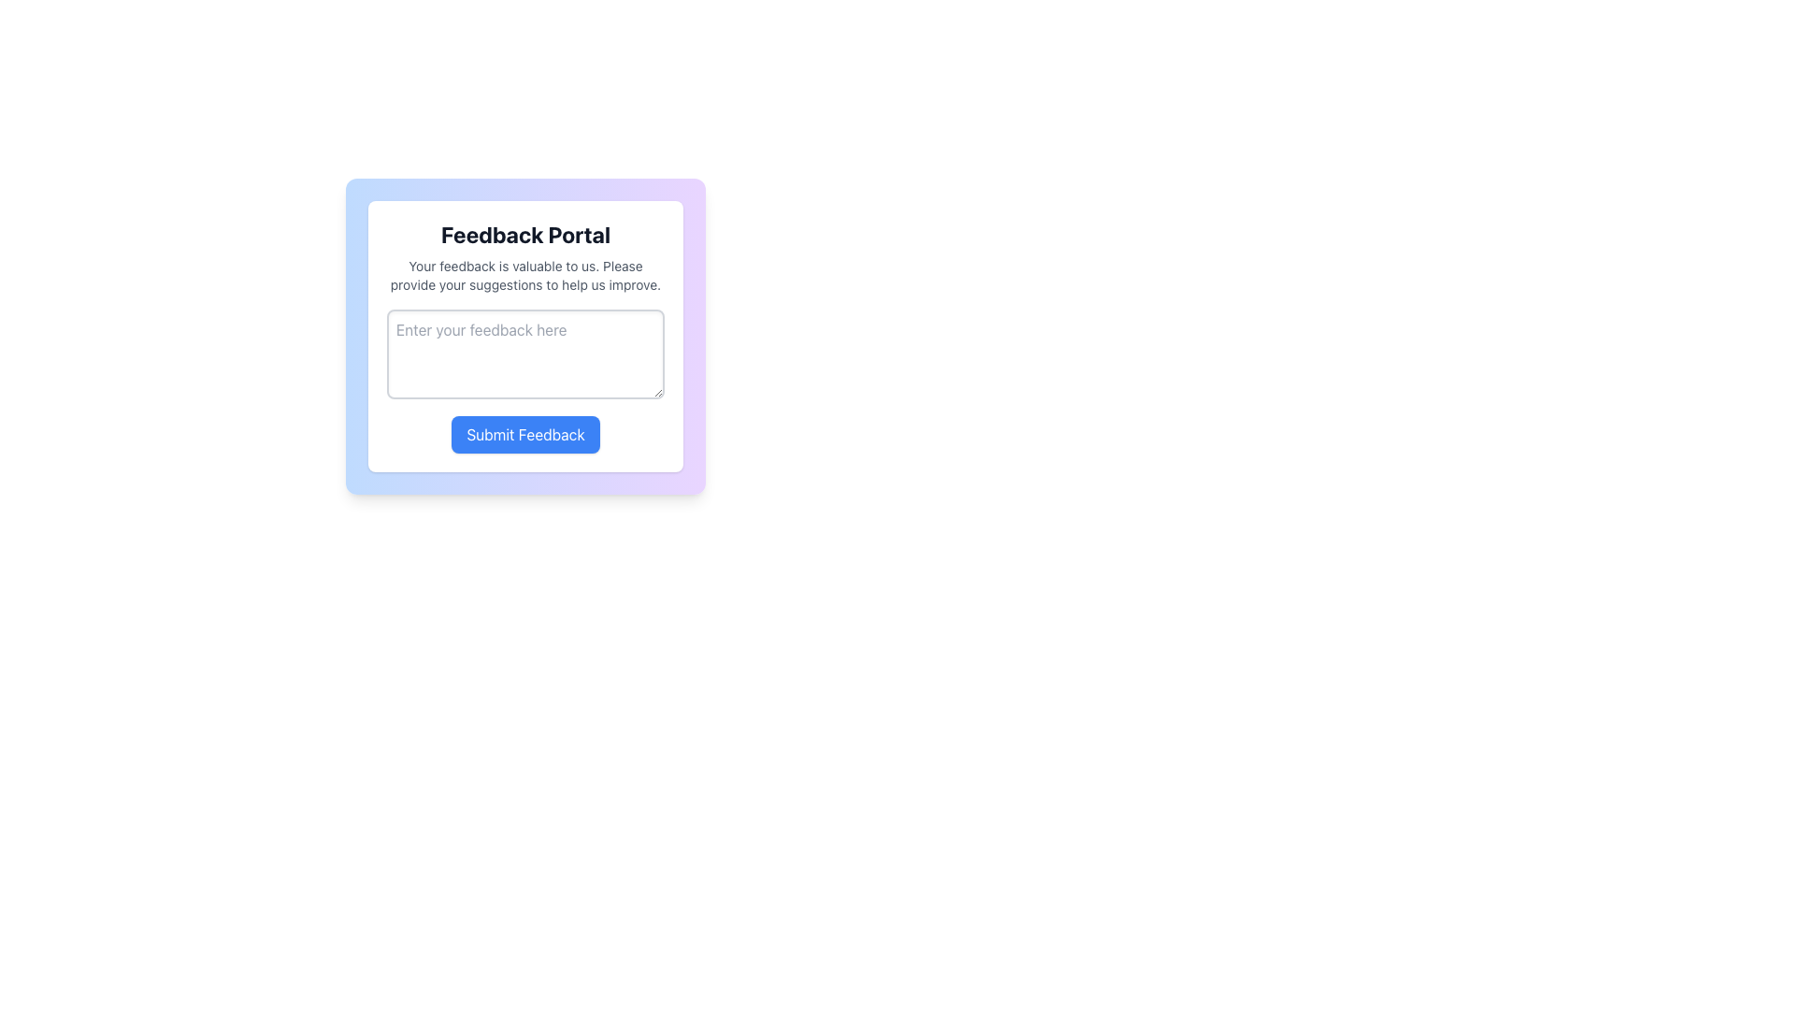 The height and width of the screenshot is (1010, 1795). Describe the element at coordinates (524, 381) in the screenshot. I see `the Text input area within the 'Feedback Portal' section` at that location.